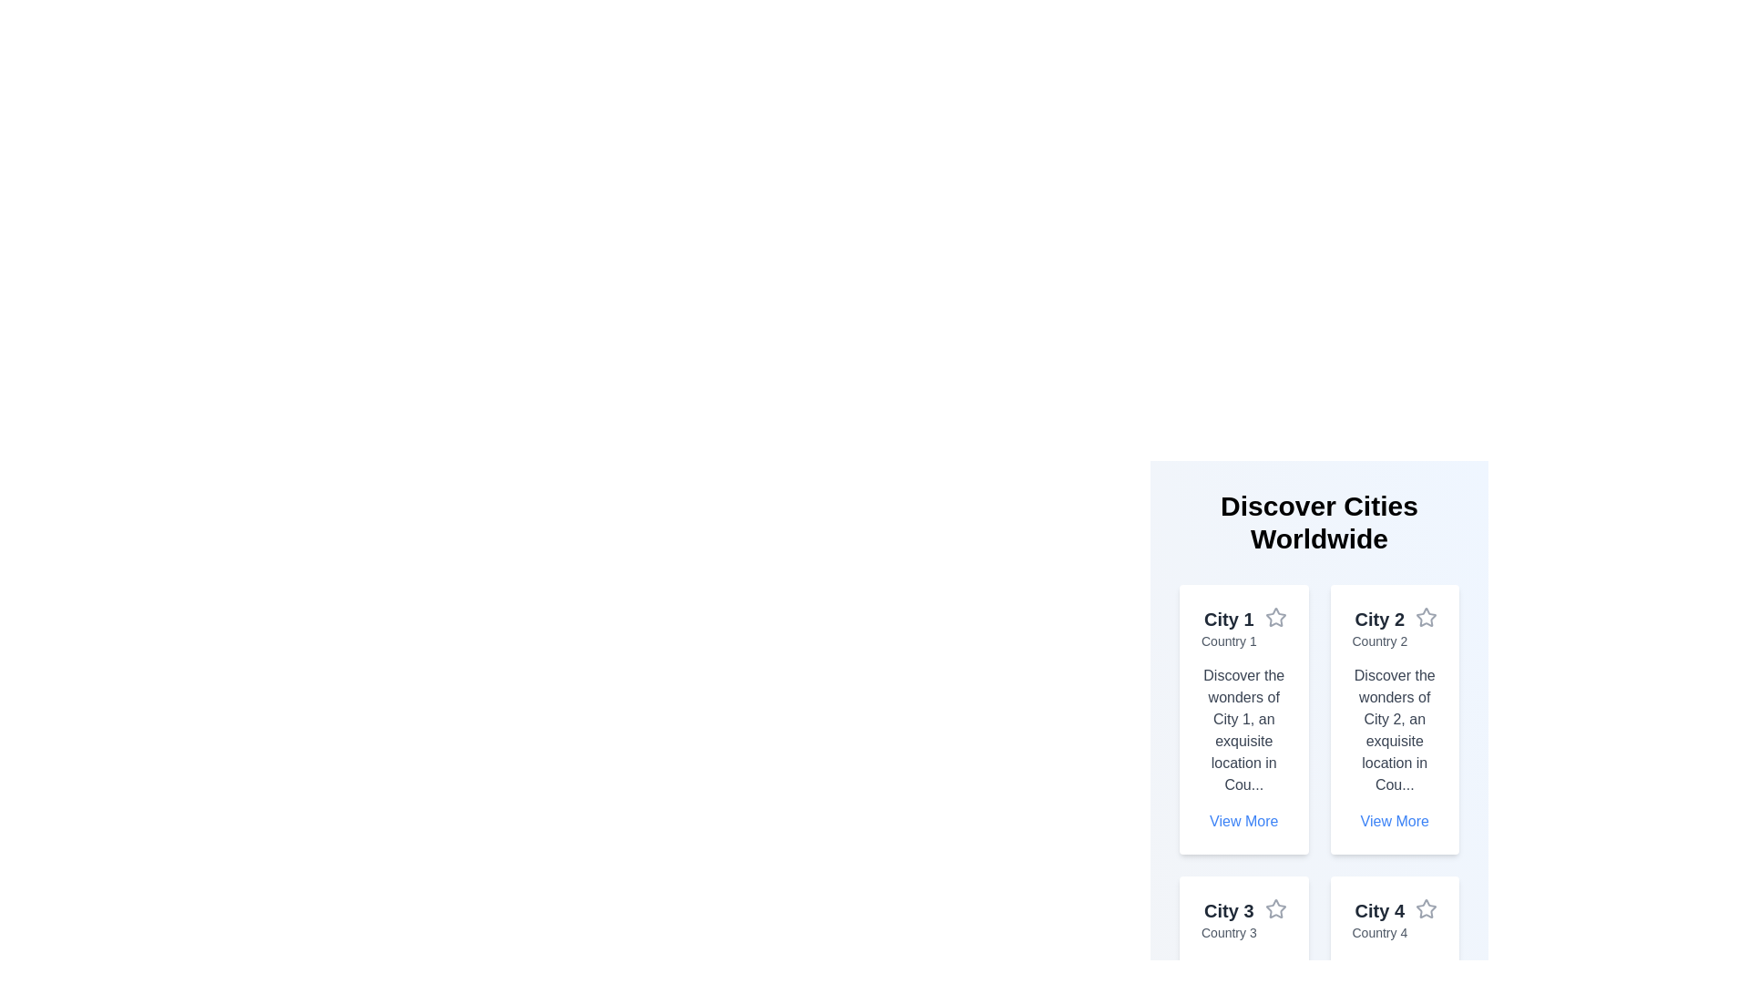  I want to click on the text block containing the title 'City 4' and subtitle 'Country 4', so click(1379, 920).